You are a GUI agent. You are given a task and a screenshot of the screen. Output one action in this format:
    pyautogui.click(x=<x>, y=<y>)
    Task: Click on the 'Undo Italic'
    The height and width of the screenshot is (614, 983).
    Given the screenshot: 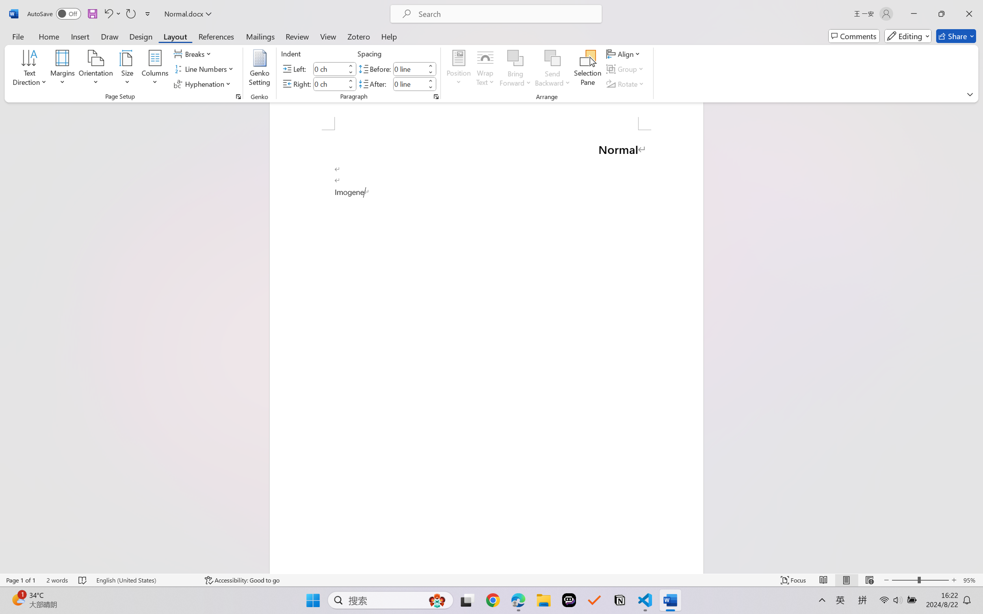 What is the action you would take?
    pyautogui.click(x=108, y=13)
    